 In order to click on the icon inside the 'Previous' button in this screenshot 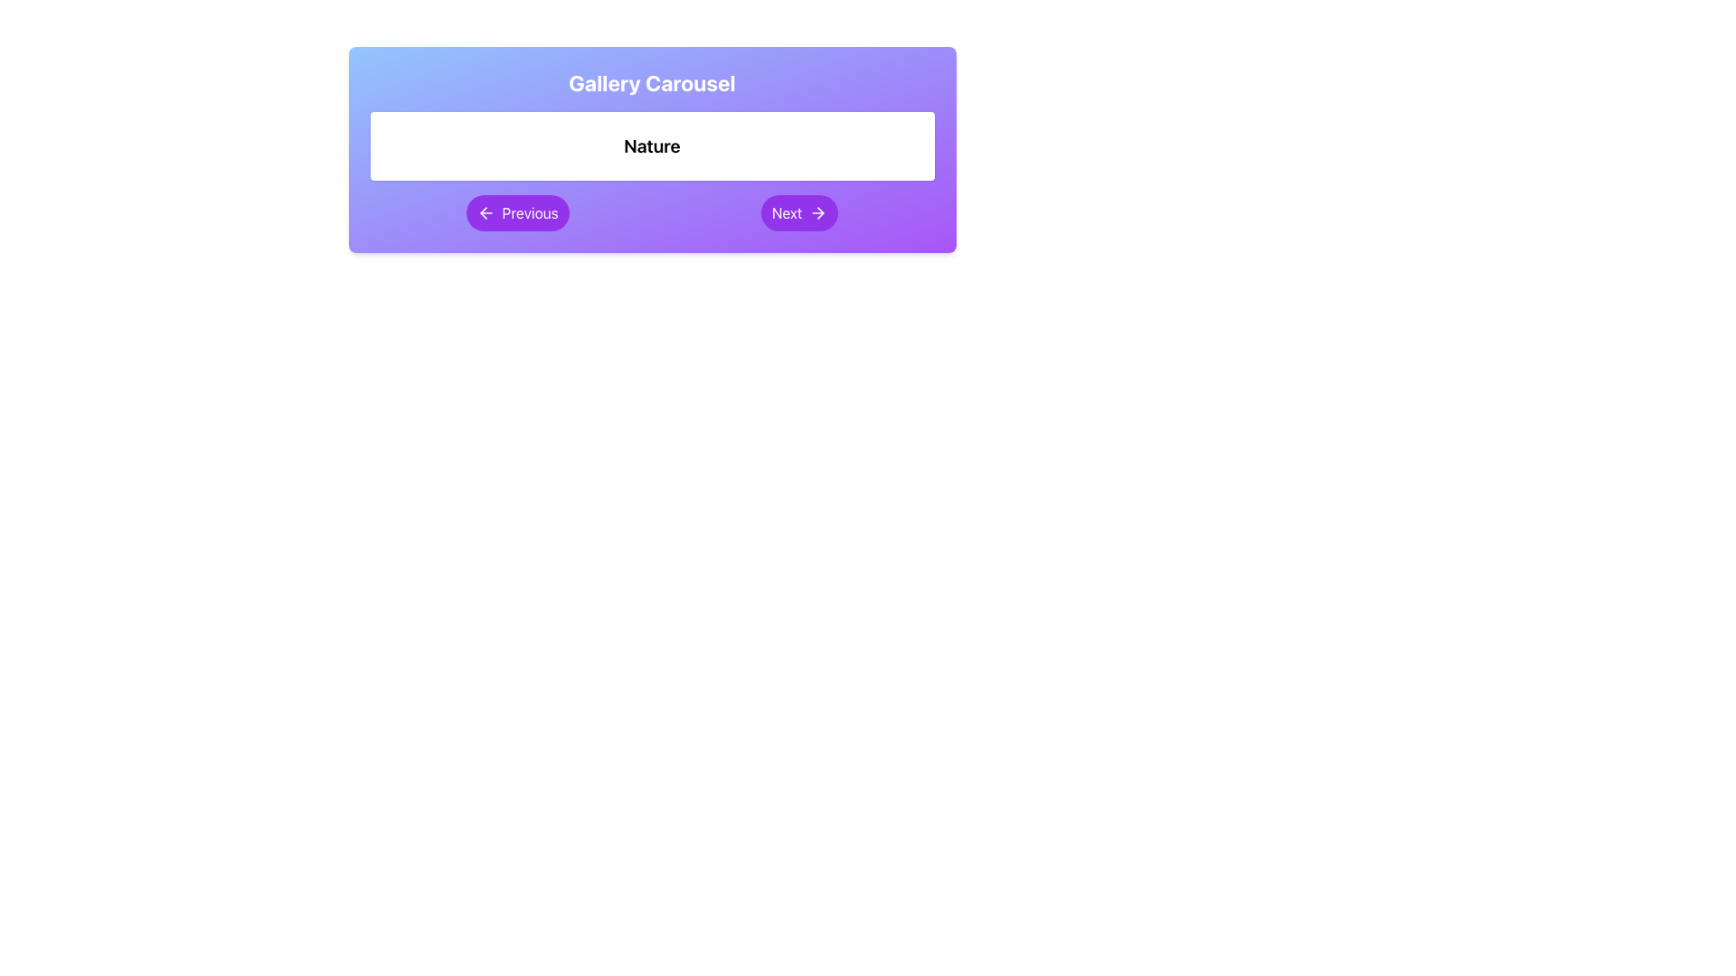, I will do `click(483, 211)`.